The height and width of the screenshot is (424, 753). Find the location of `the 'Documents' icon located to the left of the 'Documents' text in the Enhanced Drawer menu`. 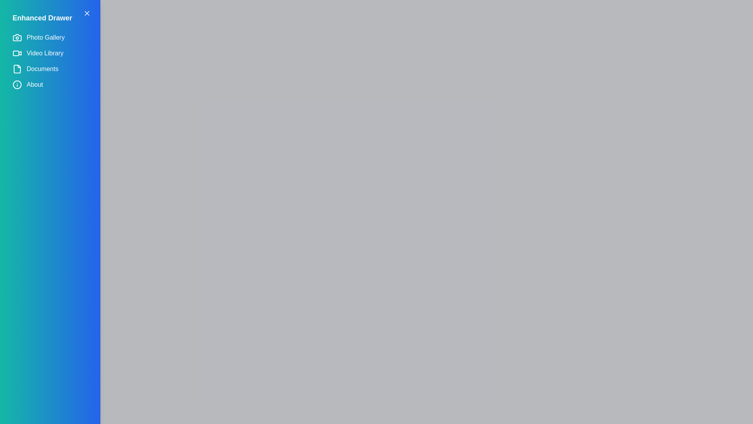

the 'Documents' icon located to the left of the 'Documents' text in the Enhanced Drawer menu is located at coordinates (17, 69).